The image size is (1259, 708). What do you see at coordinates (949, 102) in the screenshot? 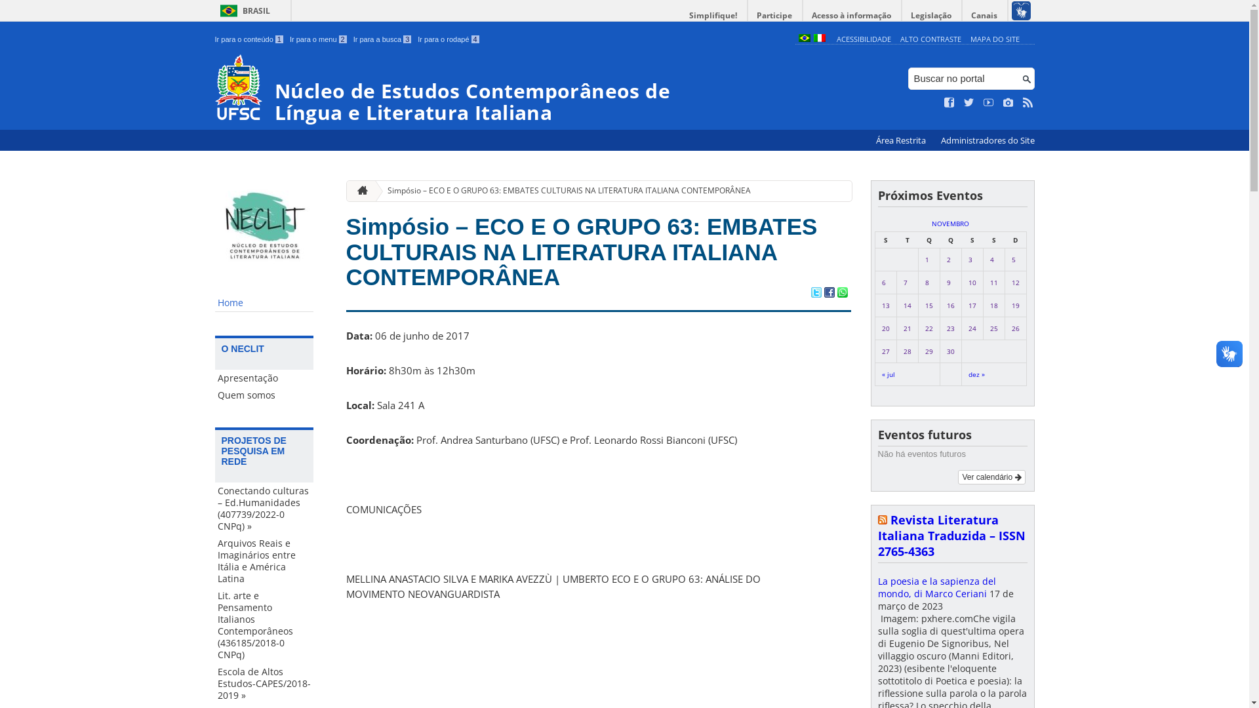
I see `'Curta no Facebook'` at bounding box center [949, 102].